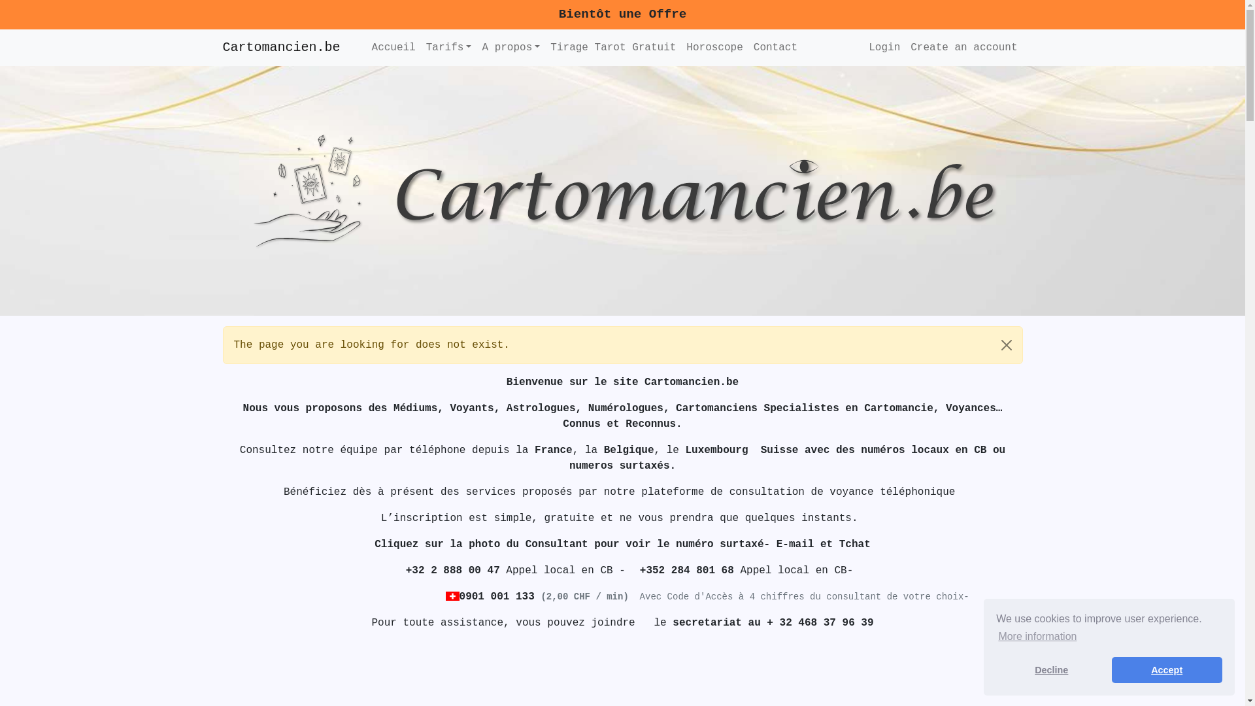  What do you see at coordinates (714, 47) in the screenshot?
I see `'Horoscope'` at bounding box center [714, 47].